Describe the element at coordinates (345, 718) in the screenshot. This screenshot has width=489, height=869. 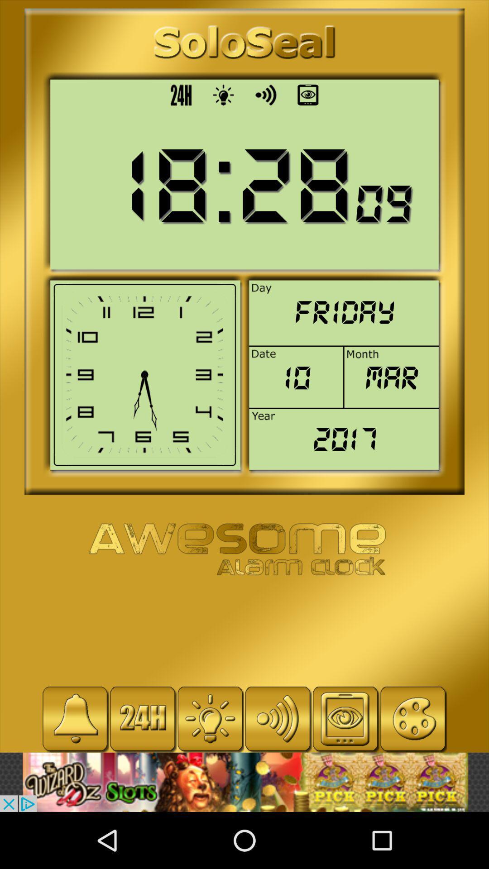
I see `keep screen awakw` at that location.